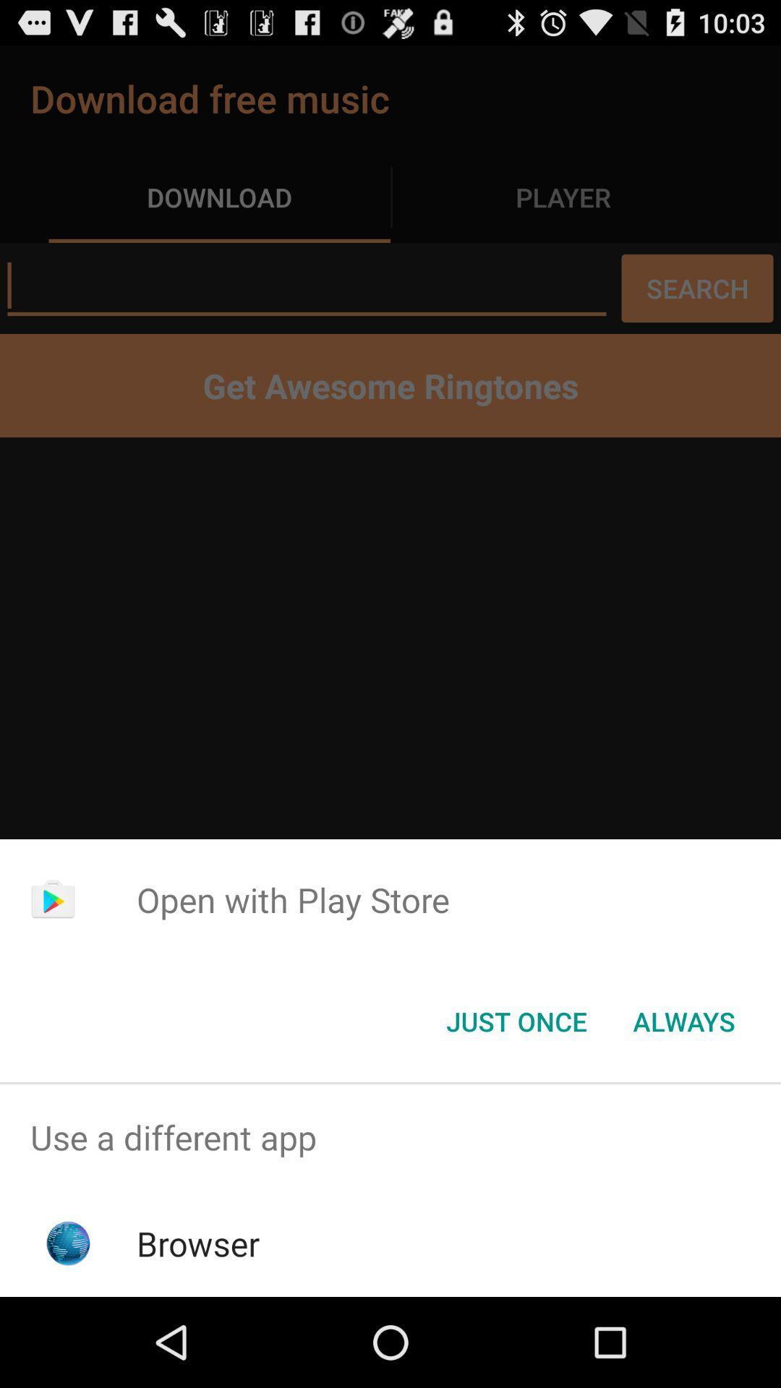 The width and height of the screenshot is (781, 1388). Describe the element at coordinates (683, 1020) in the screenshot. I see `icon below open with play item` at that location.